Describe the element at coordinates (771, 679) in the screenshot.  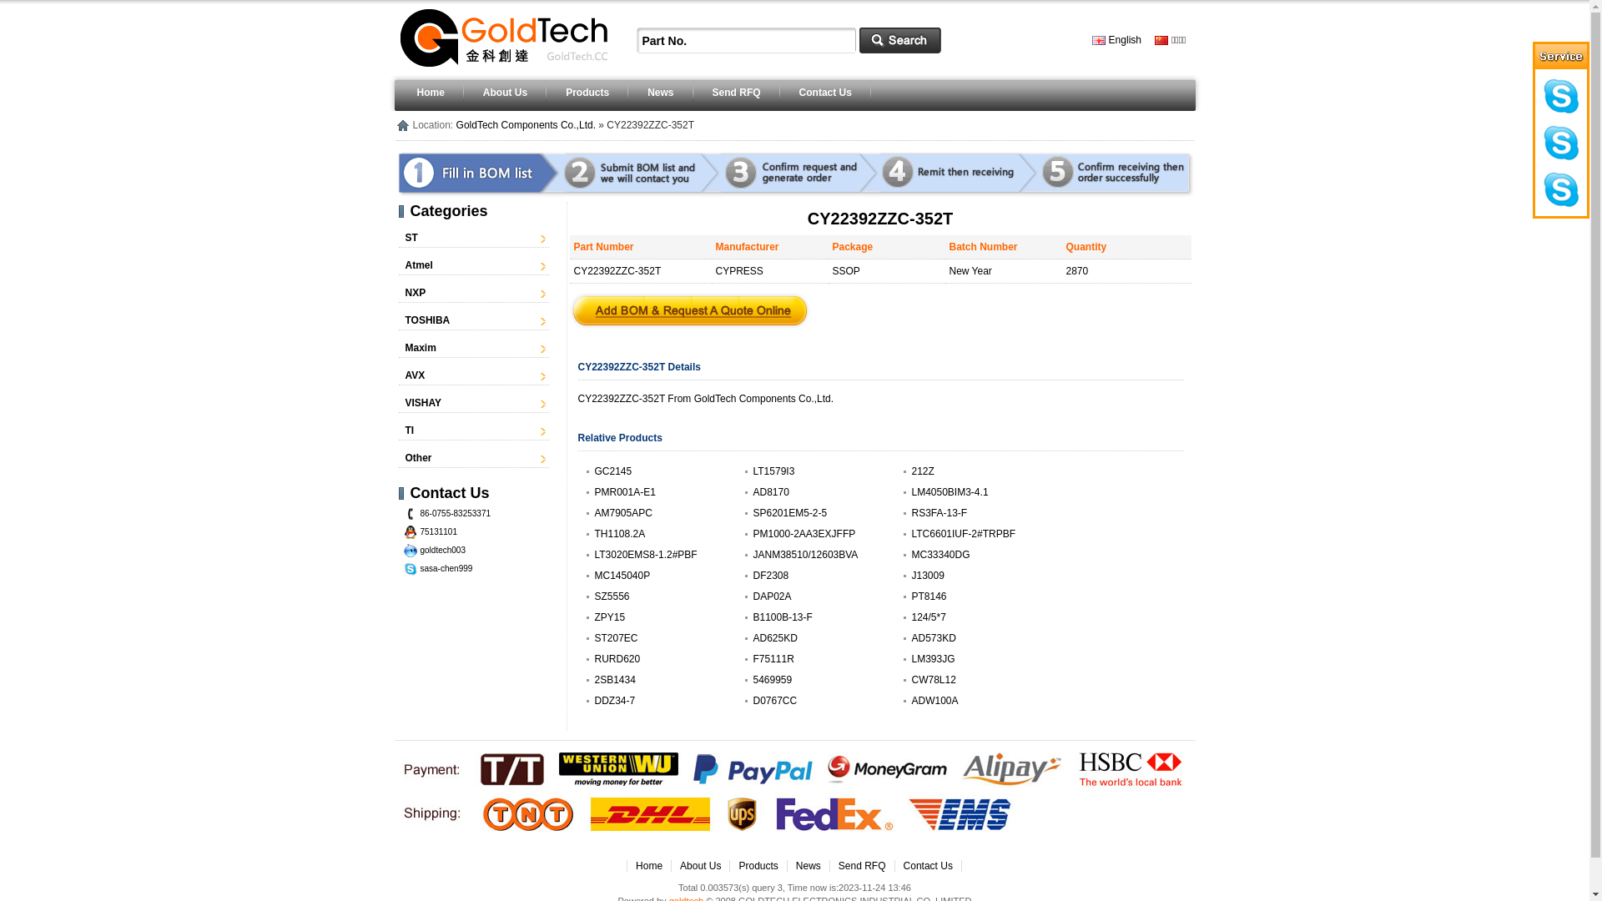
I see `'5469959'` at that location.